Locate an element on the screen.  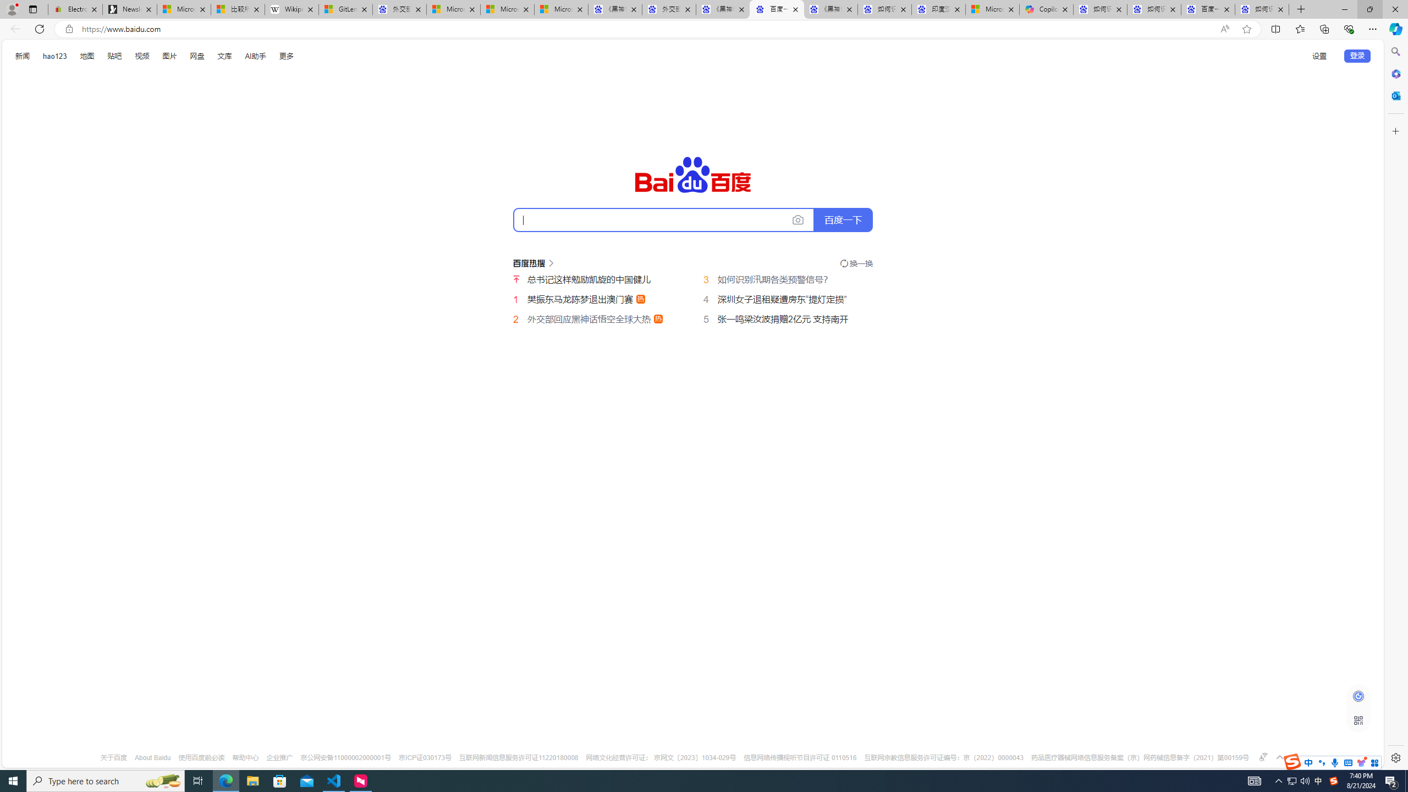
'hao123' is located at coordinates (54, 56).